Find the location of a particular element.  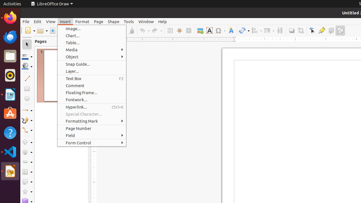

'Shadow' is located at coordinates (291, 30).